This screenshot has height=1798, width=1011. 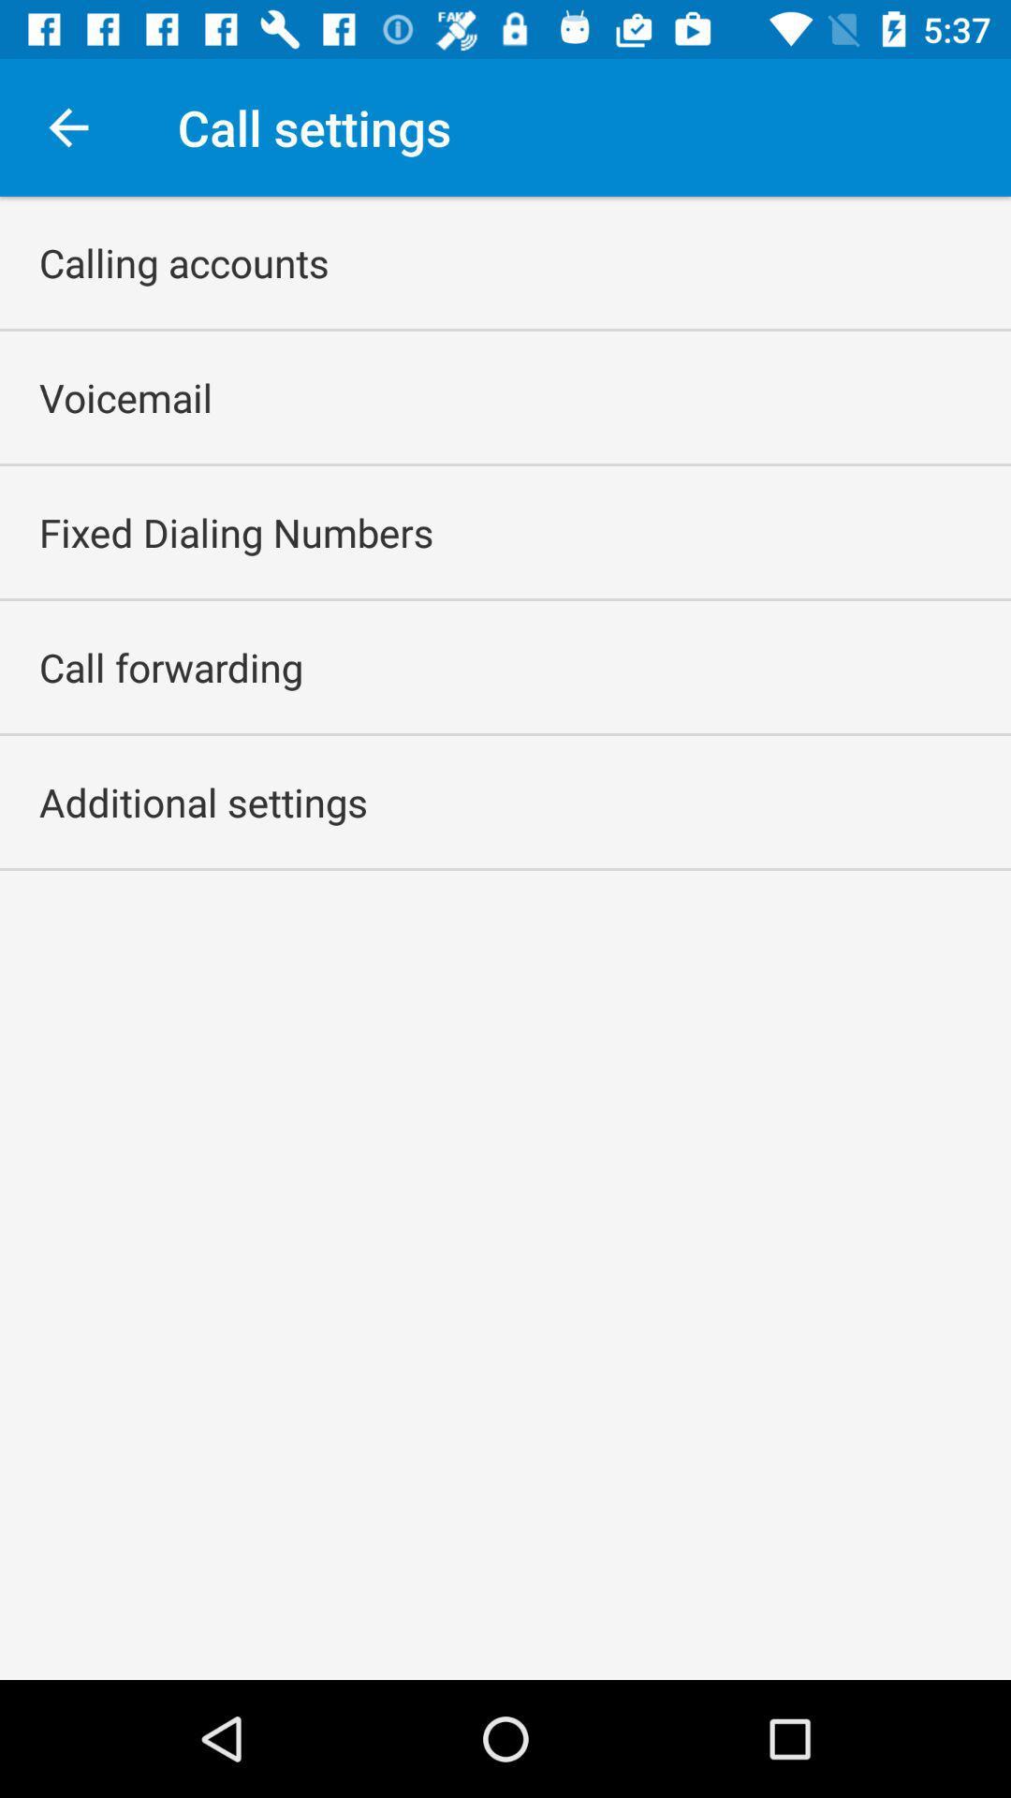 I want to click on voicemail item, so click(x=125, y=396).